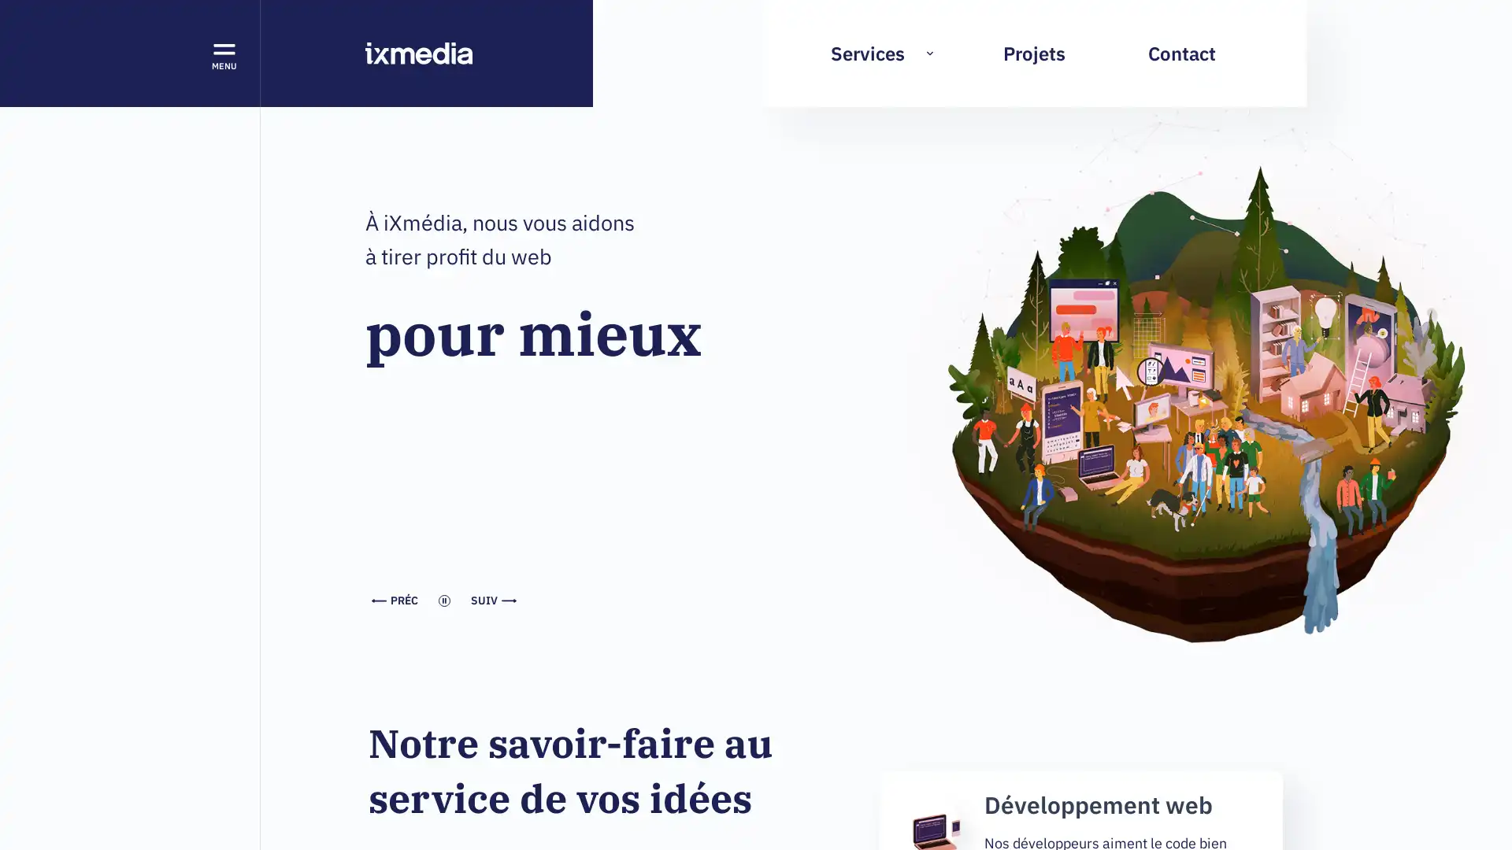  Describe the element at coordinates (395, 601) in the screenshot. I see `PREC EDENT` at that location.